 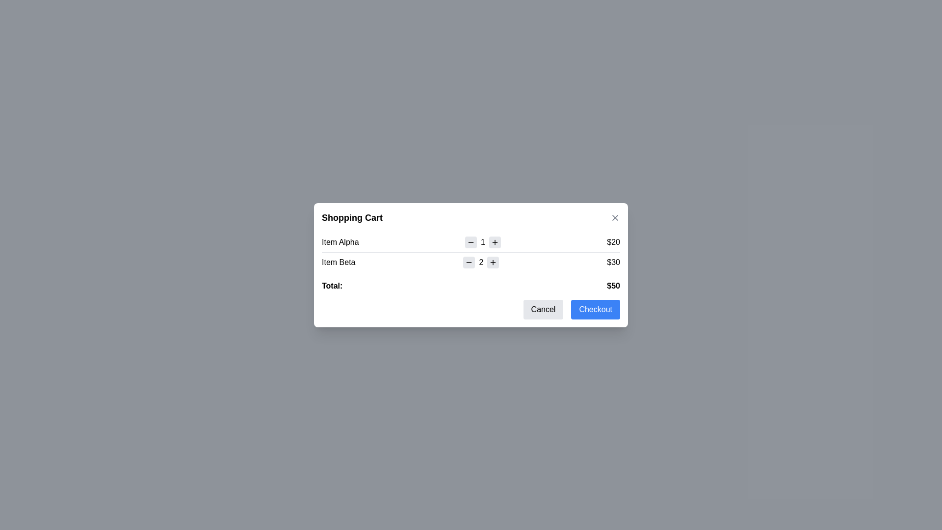 I want to click on the total price text label in the shopping cart, which displays the calculated total price for the item in the second row, adjacent to the 'Item Beta' entry, so click(x=613, y=262).